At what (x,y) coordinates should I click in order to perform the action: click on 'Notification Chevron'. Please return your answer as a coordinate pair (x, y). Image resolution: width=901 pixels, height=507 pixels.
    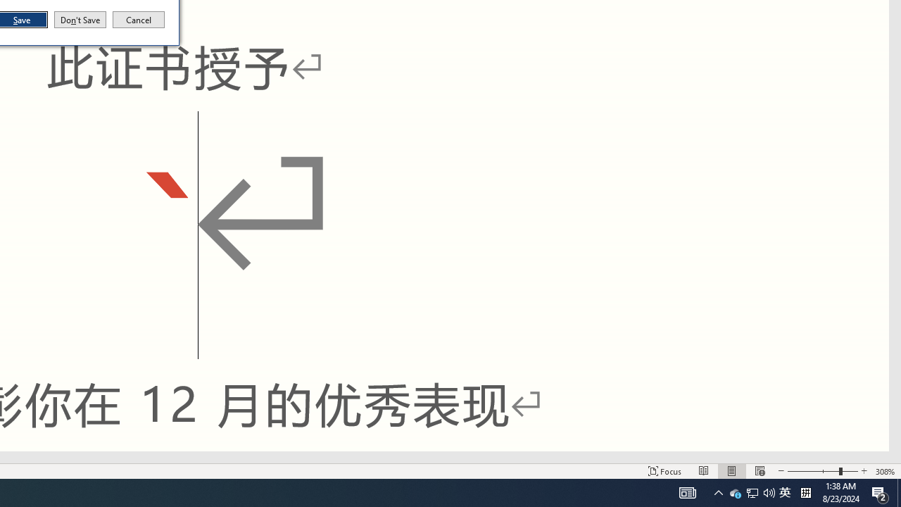
    Looking at the image, I should click on (718, 492).